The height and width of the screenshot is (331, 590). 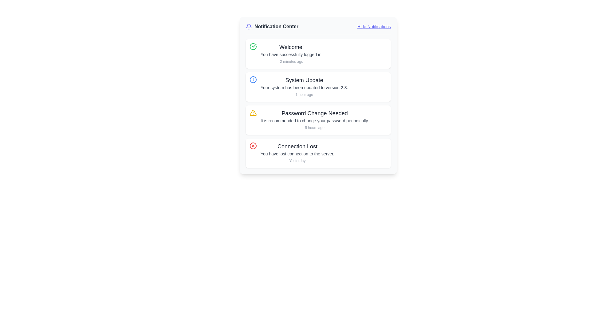 What do you see at coordinates (318, 153) in the screenshot?
I see `the Informational Notification Card that indicates a lost connection to the server, which is the fourth notification in the list of notifications` at bounding box center [318, 153].